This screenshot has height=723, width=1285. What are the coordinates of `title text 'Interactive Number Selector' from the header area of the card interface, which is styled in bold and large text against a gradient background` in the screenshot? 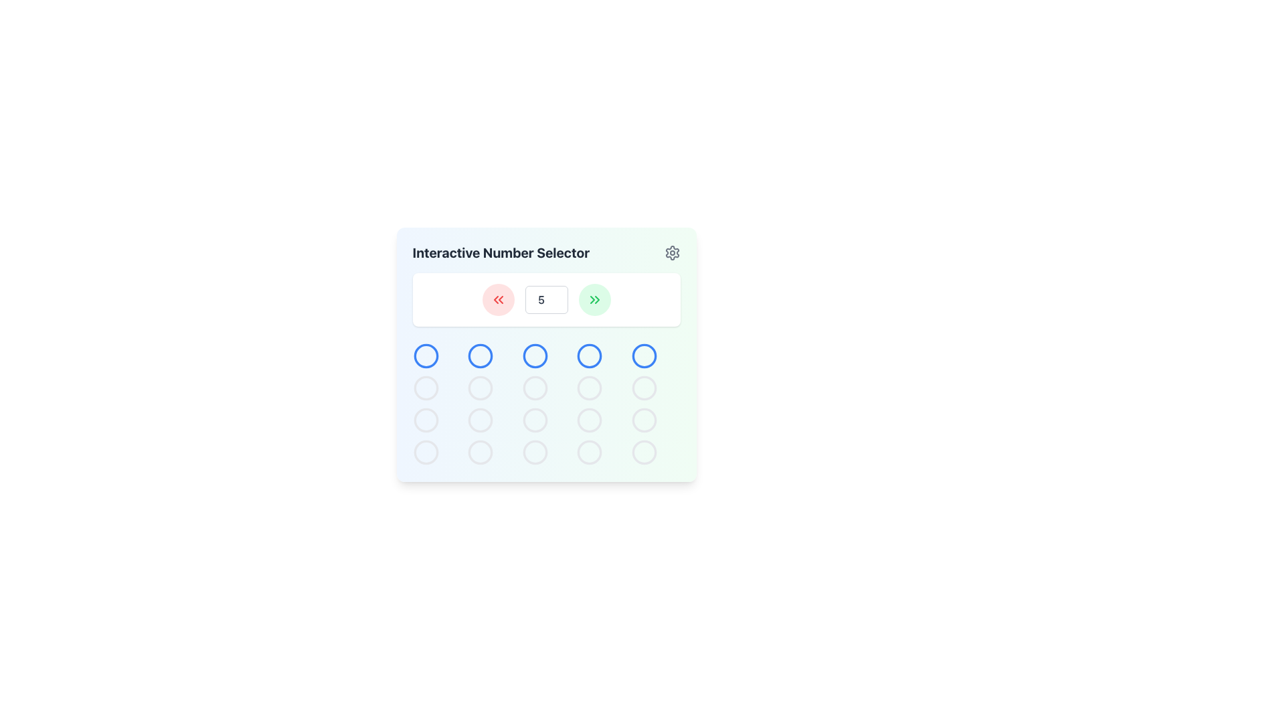 It's located at (546, 253).